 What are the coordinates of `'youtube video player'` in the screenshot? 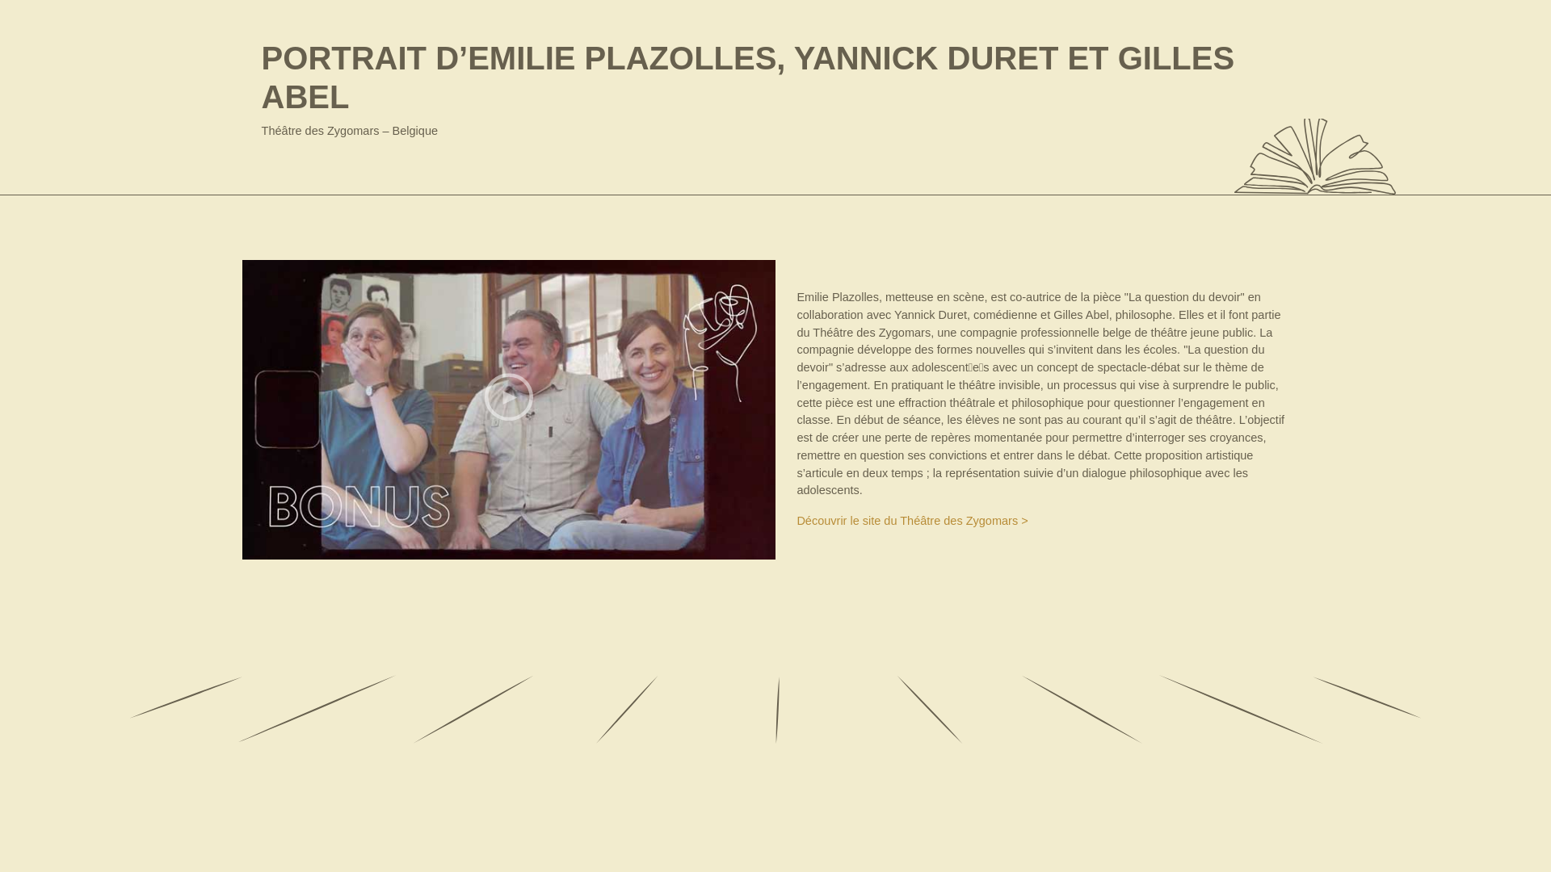 It's located at (507, 409).